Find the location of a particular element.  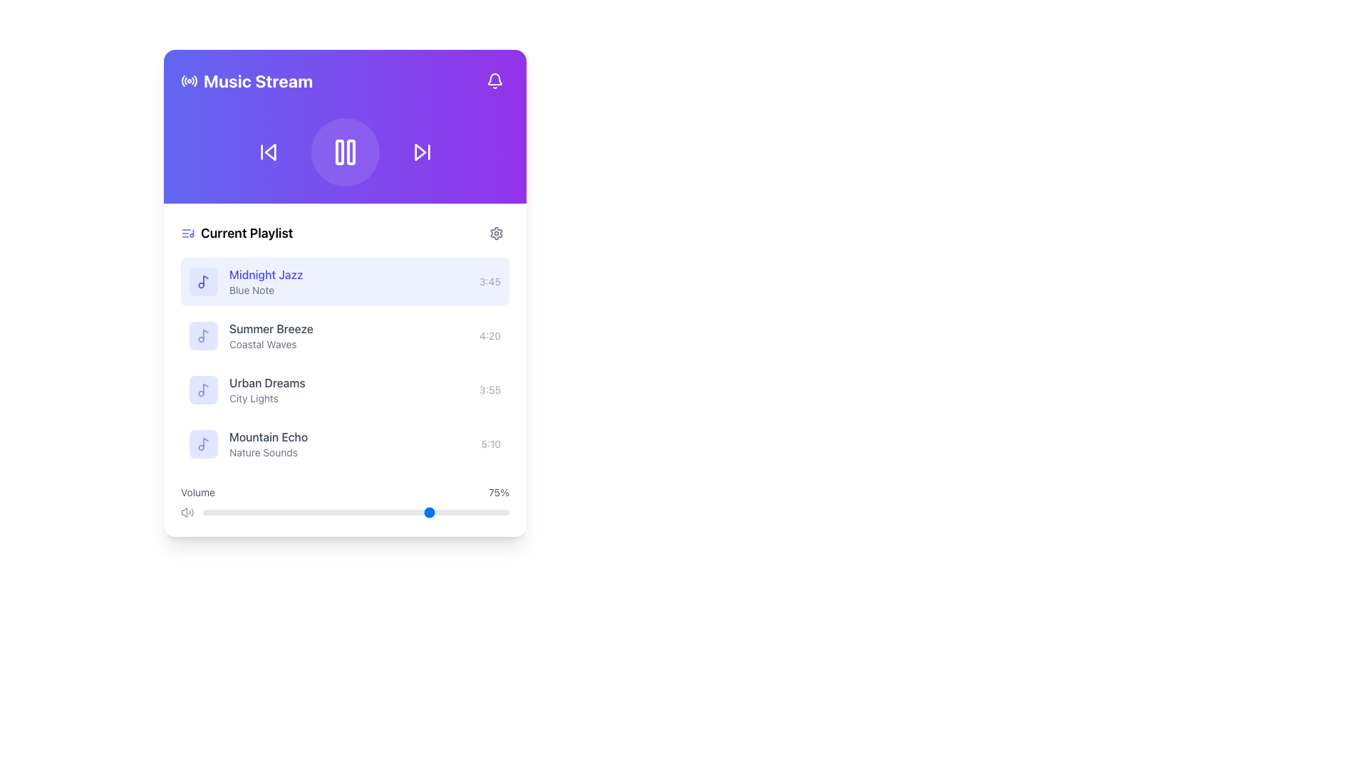

the volume slider is located at coordinates (359, 513).